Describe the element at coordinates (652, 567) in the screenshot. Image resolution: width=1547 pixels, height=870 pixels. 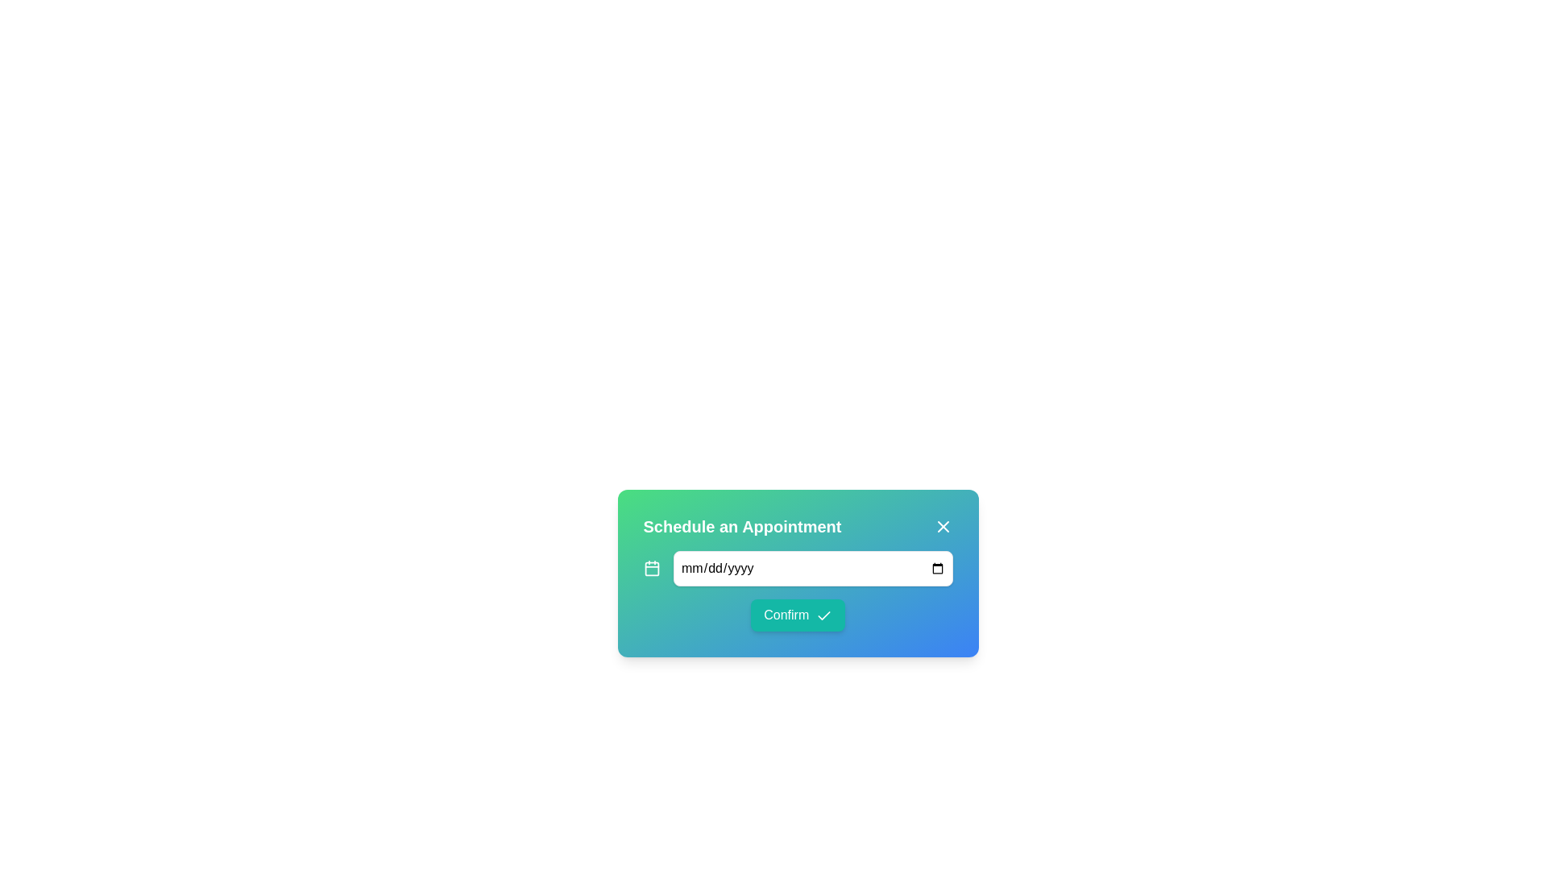
I see `the design of the date selection icon located to the left of the date input field in the main modal window` at that location.